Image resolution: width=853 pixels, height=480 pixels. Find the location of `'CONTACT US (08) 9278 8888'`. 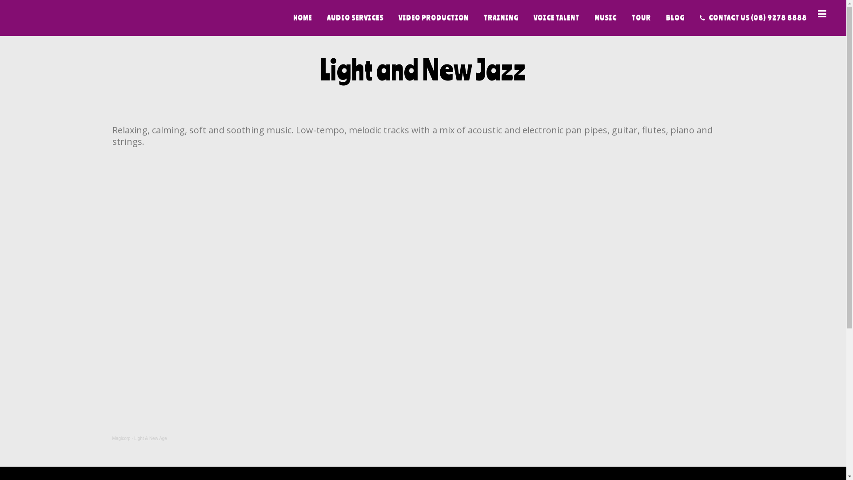

'CONTACT US (08) 9278 8888' is located at coordinates (753, 17).